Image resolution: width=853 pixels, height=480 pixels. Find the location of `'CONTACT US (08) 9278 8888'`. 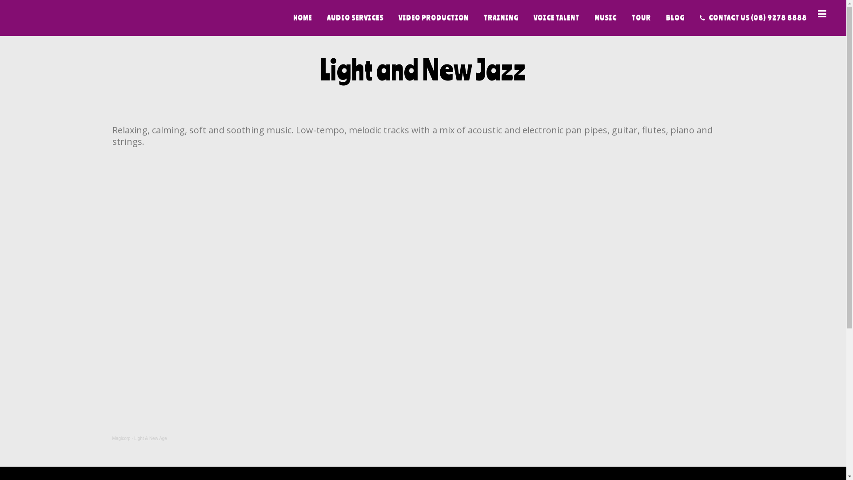

'CONTACT US (08) 9278 8888' is located at coordinates (753, 17).